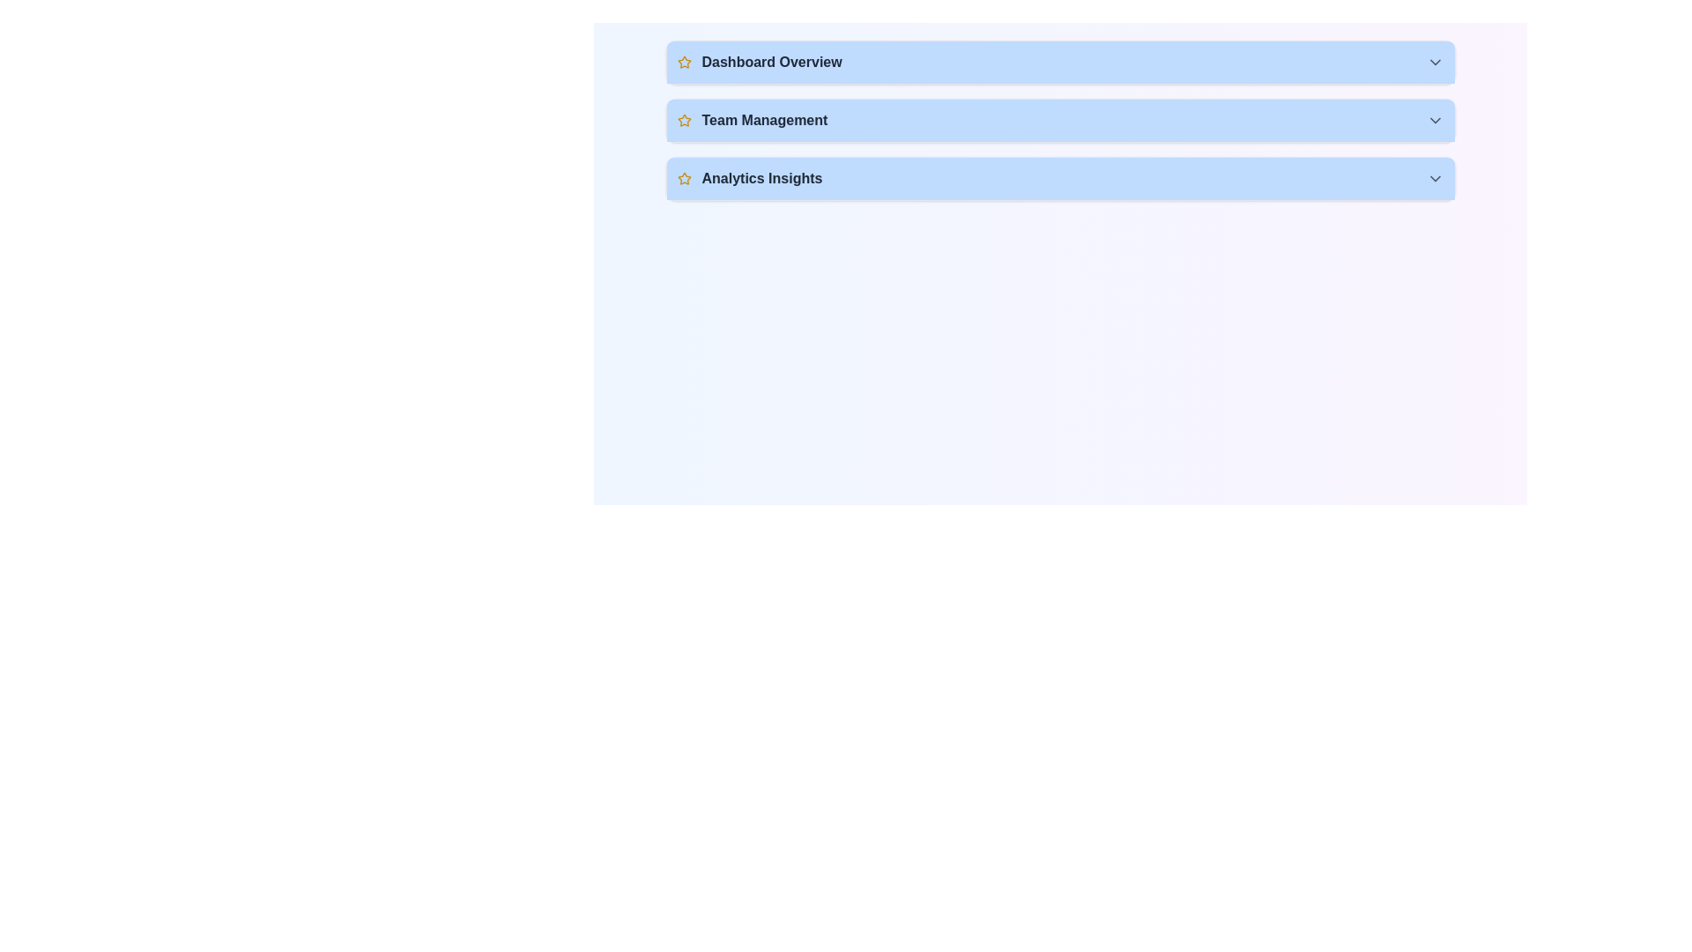 Image resolution: width=1692 pixels, height=952 pixels. I want to click on the Clickable Section Header located in the first section of a vertically stacked list with a rounded light blue background, so click(760, 61).